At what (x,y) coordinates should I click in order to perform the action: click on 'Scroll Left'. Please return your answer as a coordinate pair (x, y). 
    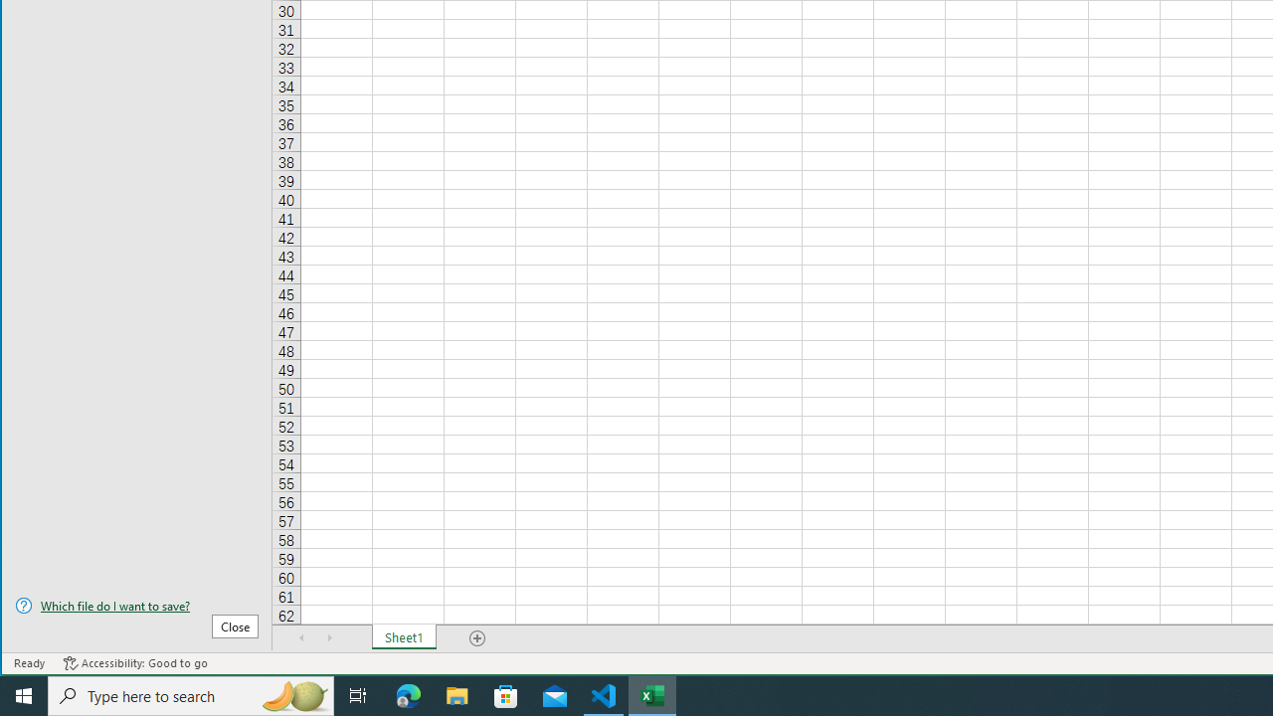
    Looking at the image, I should click on (301, 637).